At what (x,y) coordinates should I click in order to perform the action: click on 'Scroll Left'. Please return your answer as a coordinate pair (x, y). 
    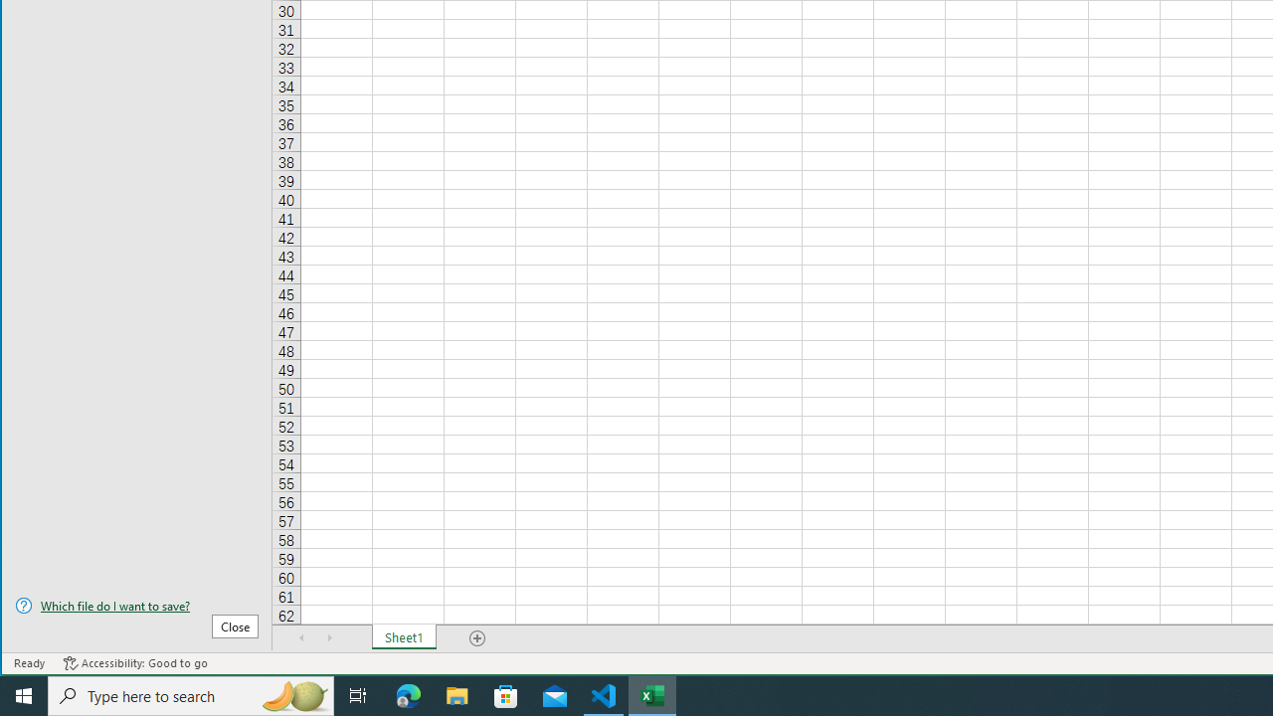
    Looking at the image, I should click on (301, 637).